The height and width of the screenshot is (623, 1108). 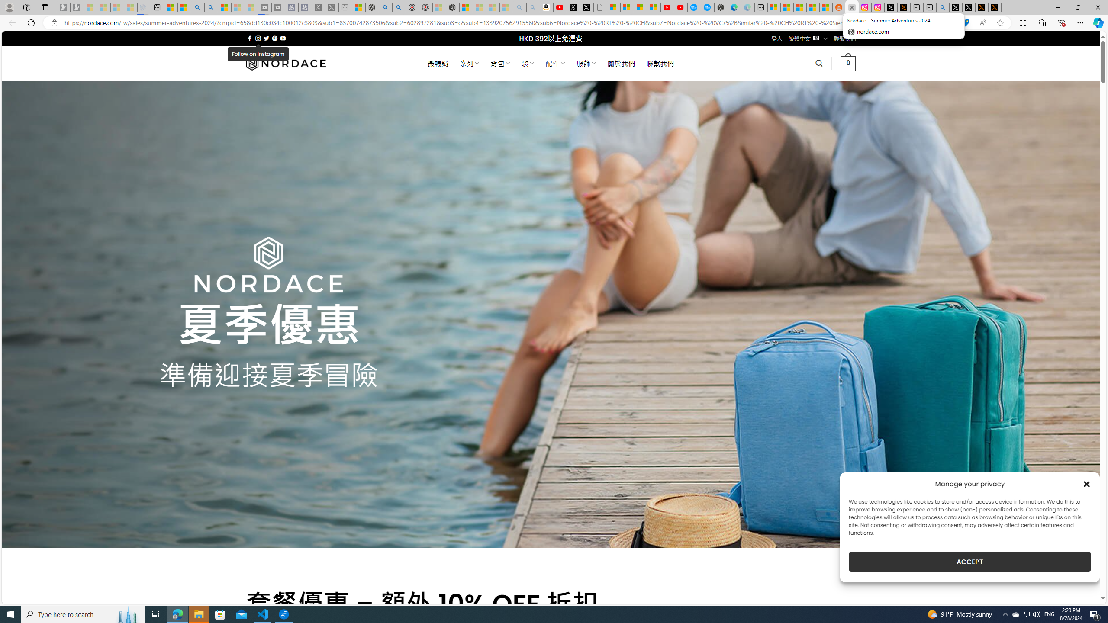 What do you see at coordinates (965, 23) in the screenshot?
I see `'This site has coupons! Shopping in Microsoft Edge'` at bounding box center [965, 23].